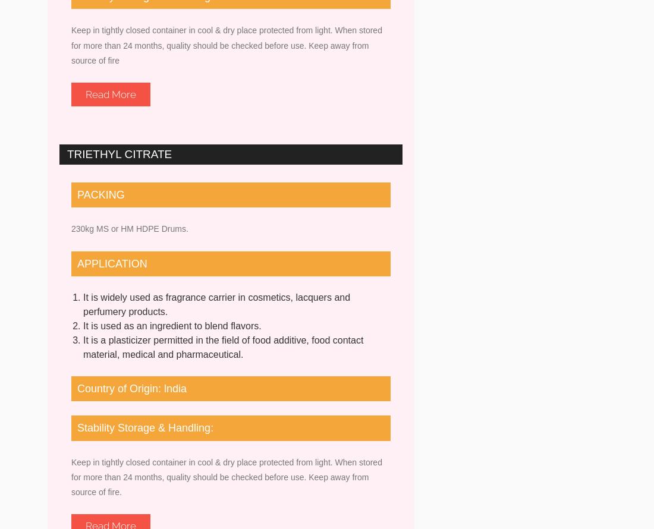 The image size is (654, 529). I want to click on '230kg MS or HM HDPE Drums.', so click(130, 228).